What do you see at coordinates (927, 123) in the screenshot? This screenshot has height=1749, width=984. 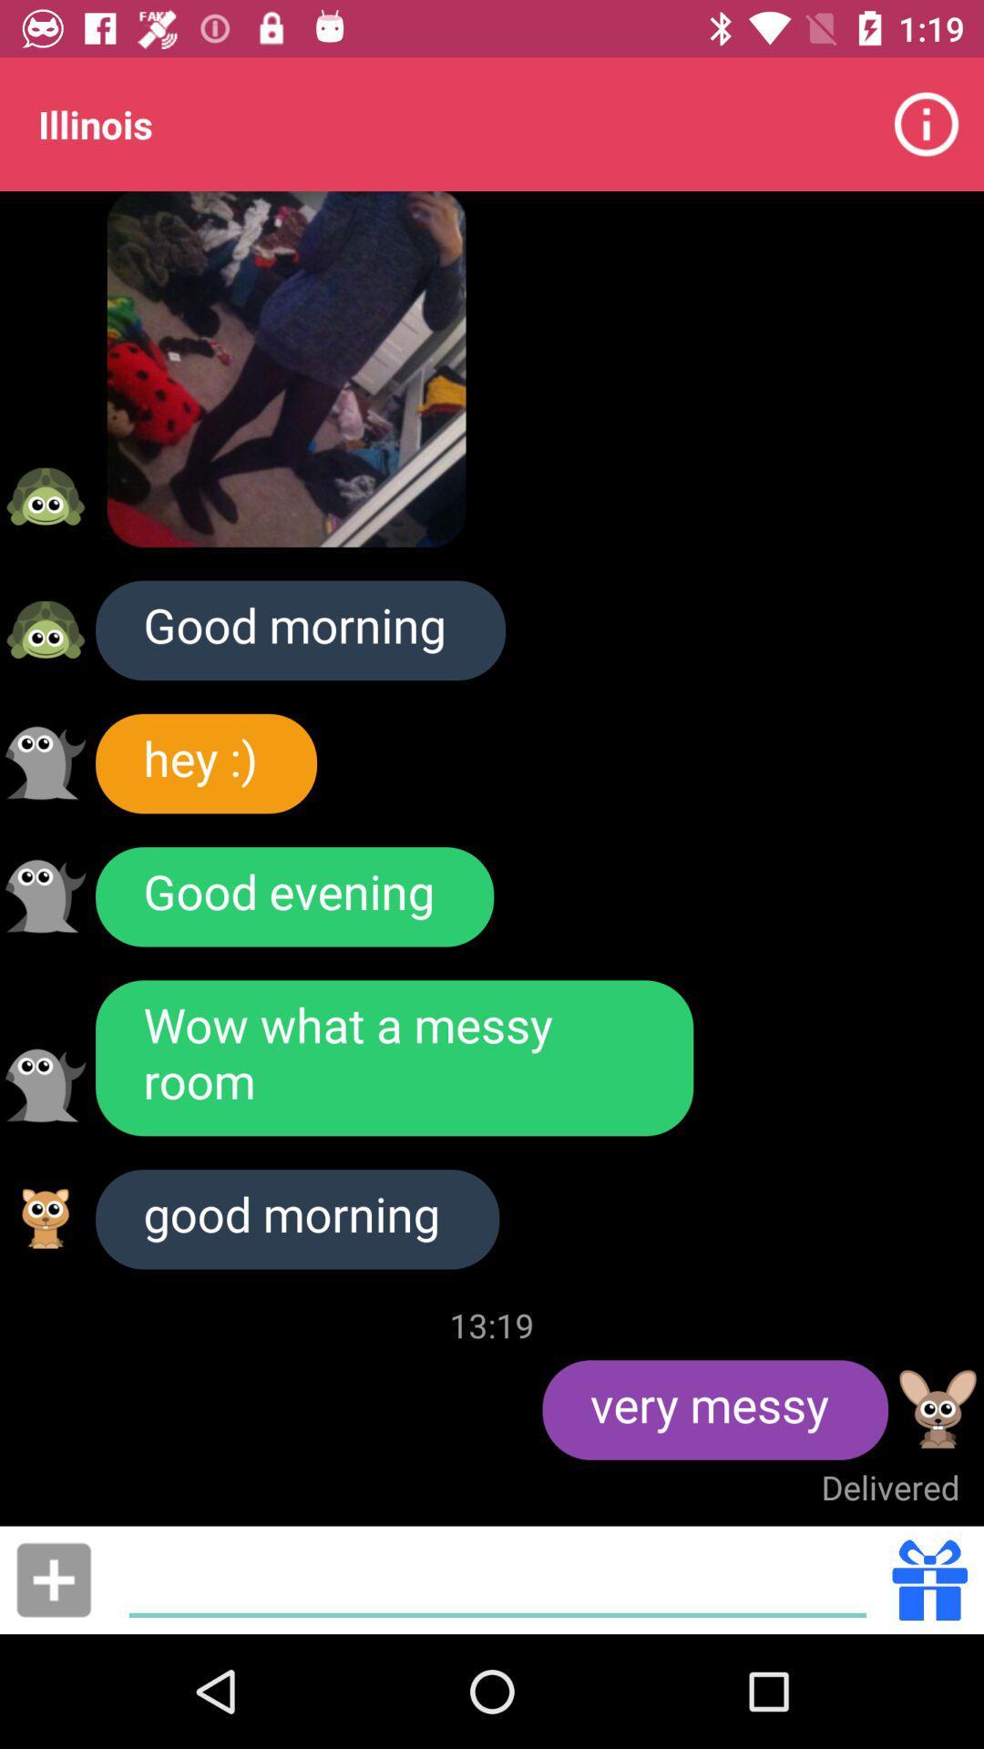 I see `item at the top right corner` at bounding box center [927, 123].